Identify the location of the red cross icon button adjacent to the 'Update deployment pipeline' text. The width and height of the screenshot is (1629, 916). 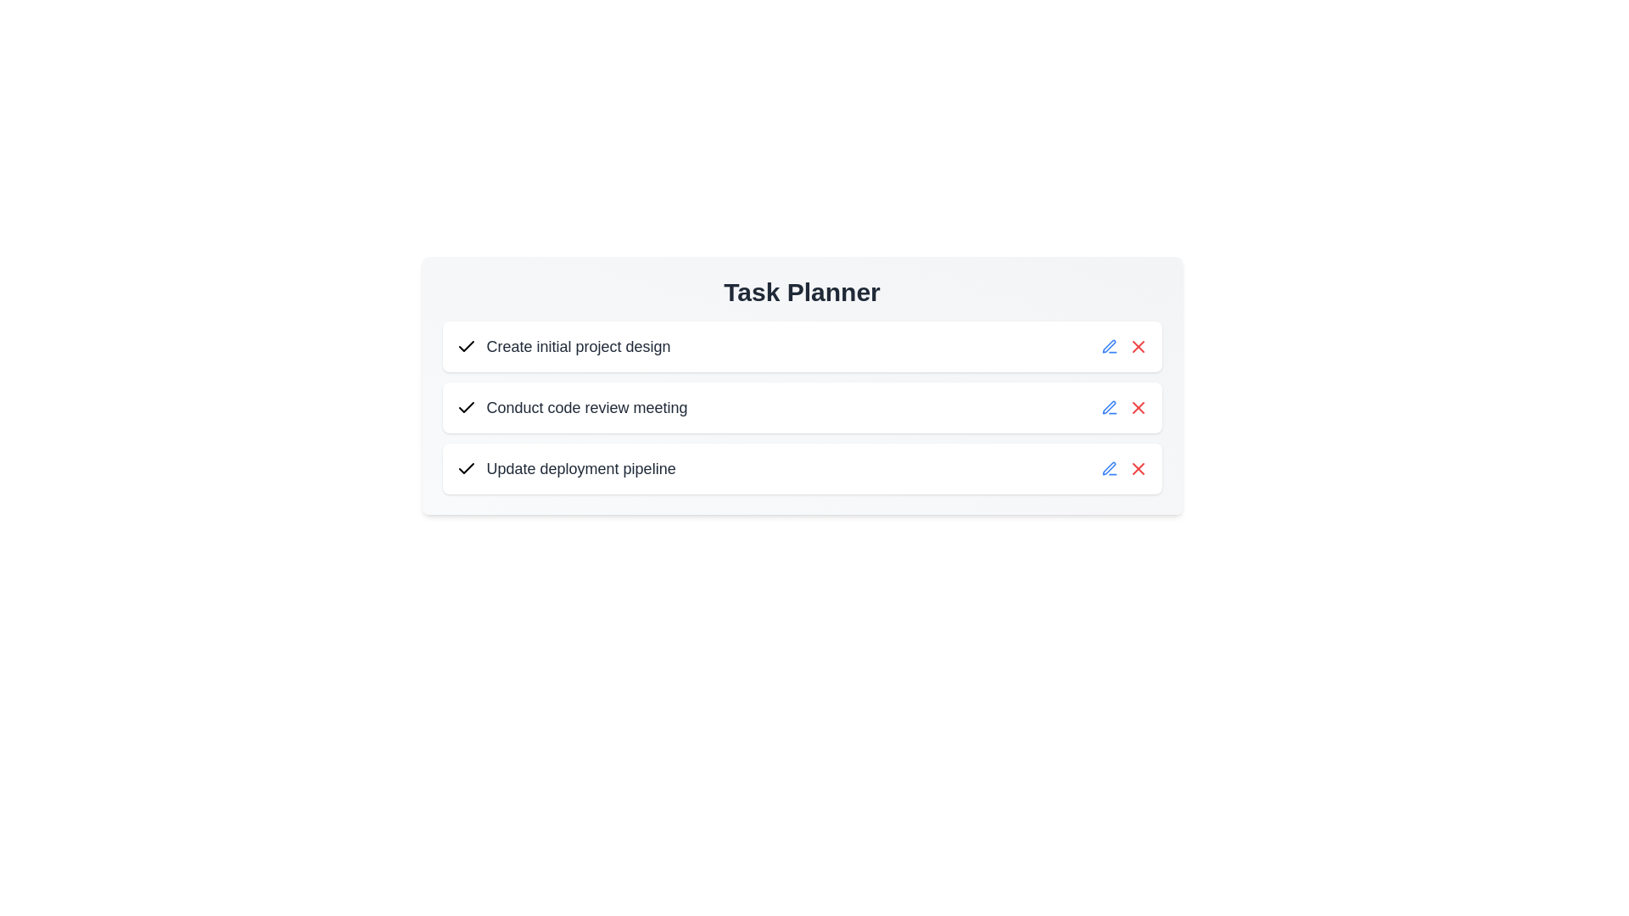
(1138, 468).